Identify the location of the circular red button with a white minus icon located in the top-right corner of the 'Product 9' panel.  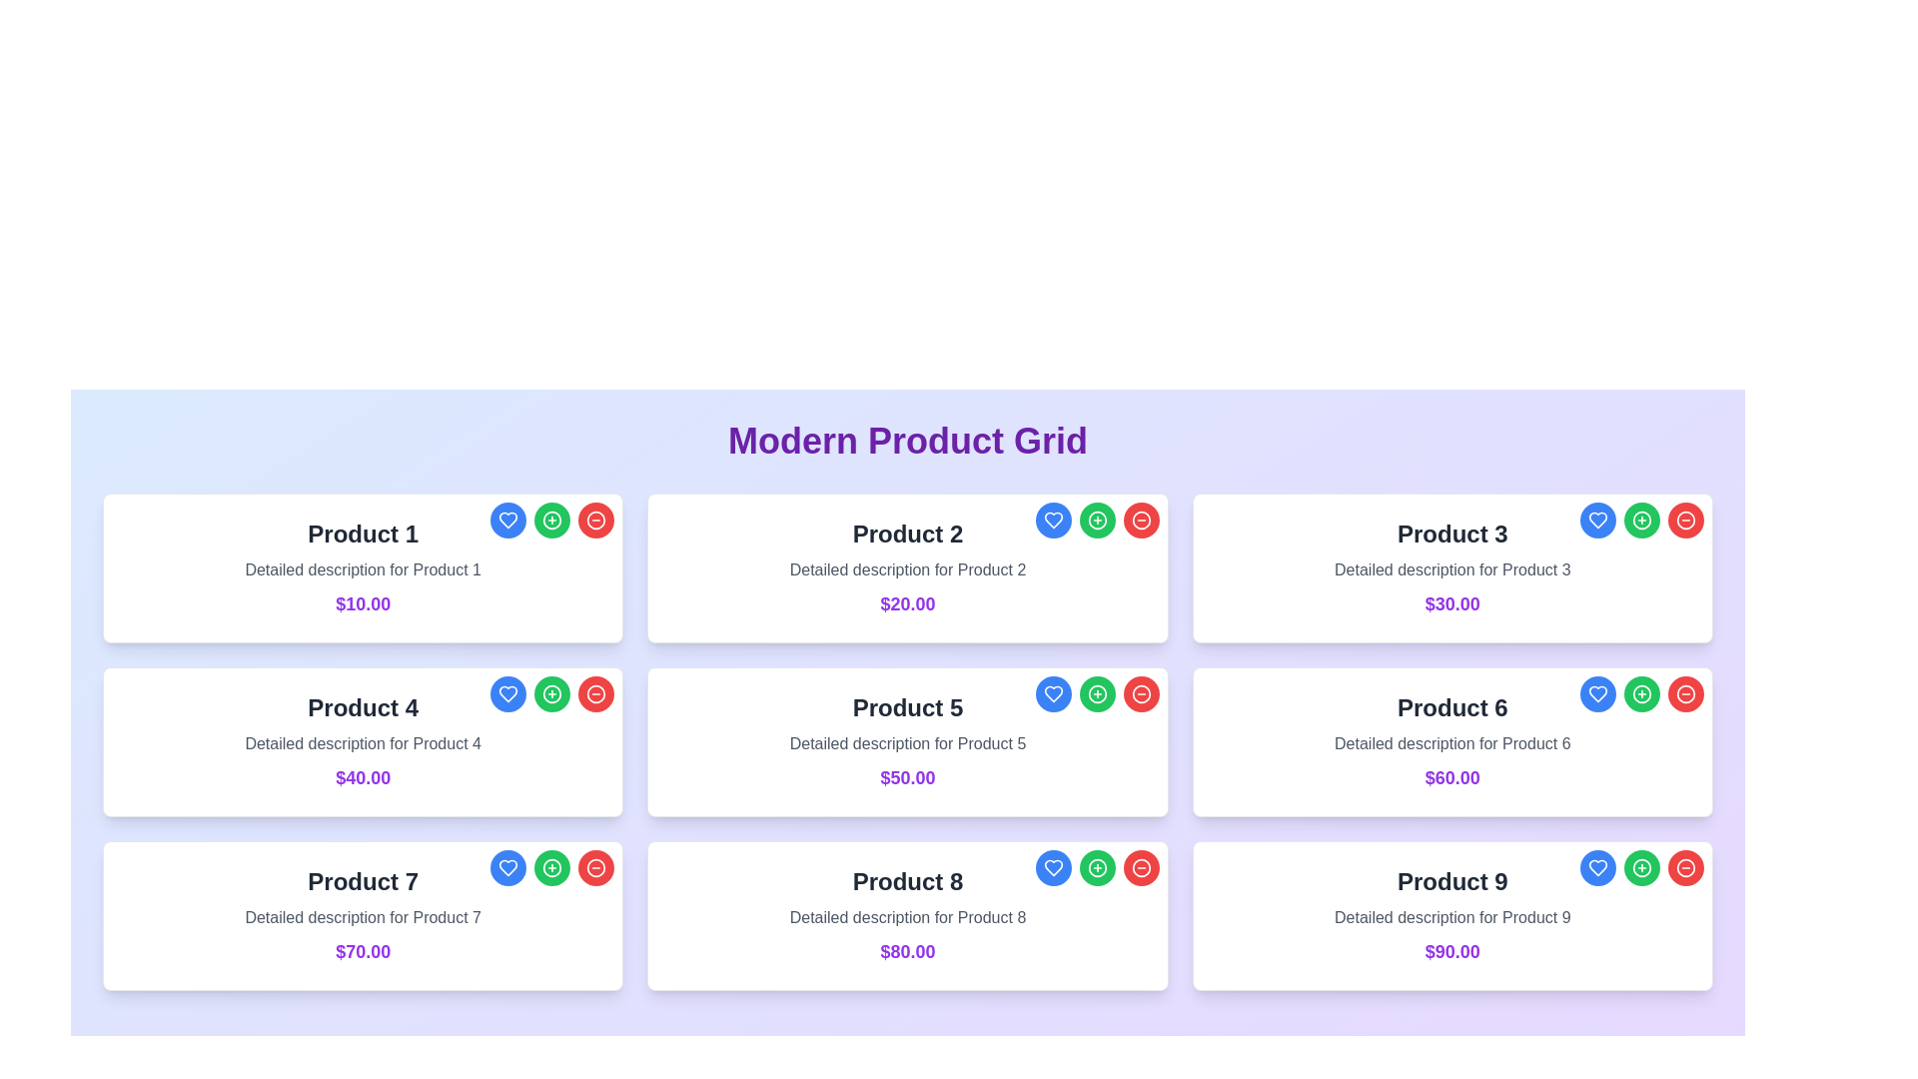
(1685, 866).